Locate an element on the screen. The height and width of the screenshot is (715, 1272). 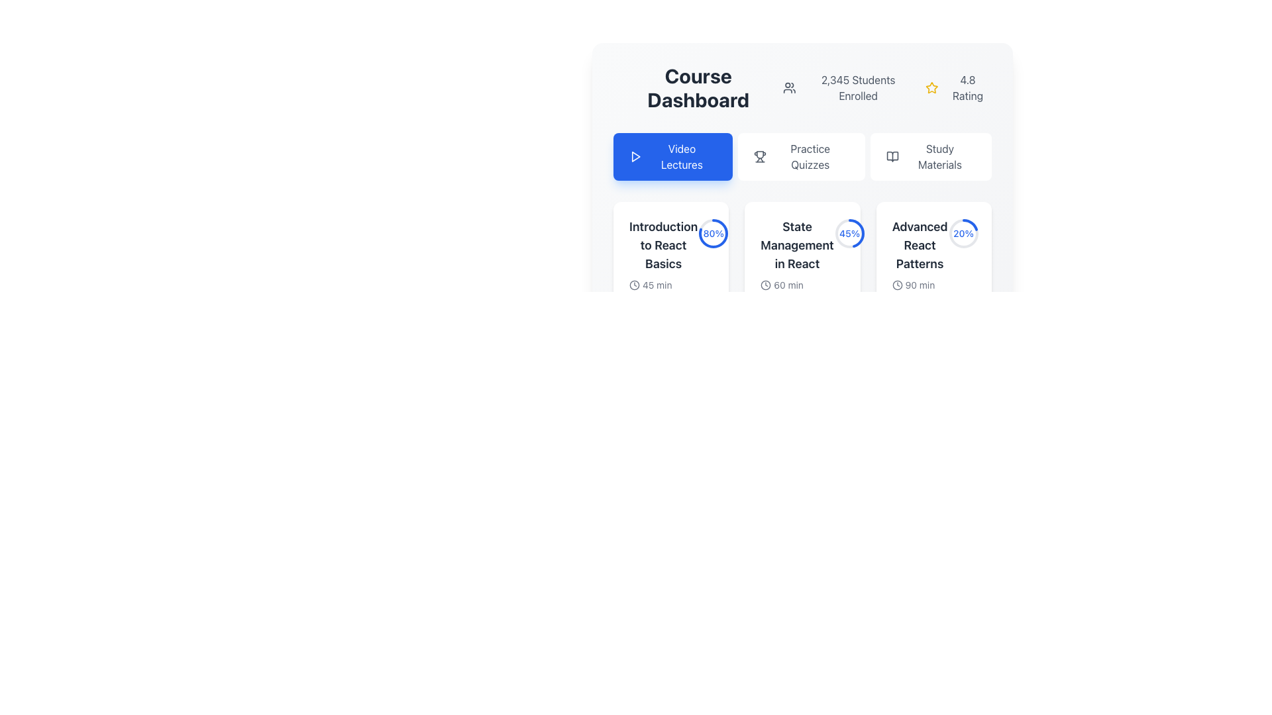
the circular progress indicator displaying '20%' in the top right corner of the 'Advanced React Patterns' card is located at coordinates (963, 233).